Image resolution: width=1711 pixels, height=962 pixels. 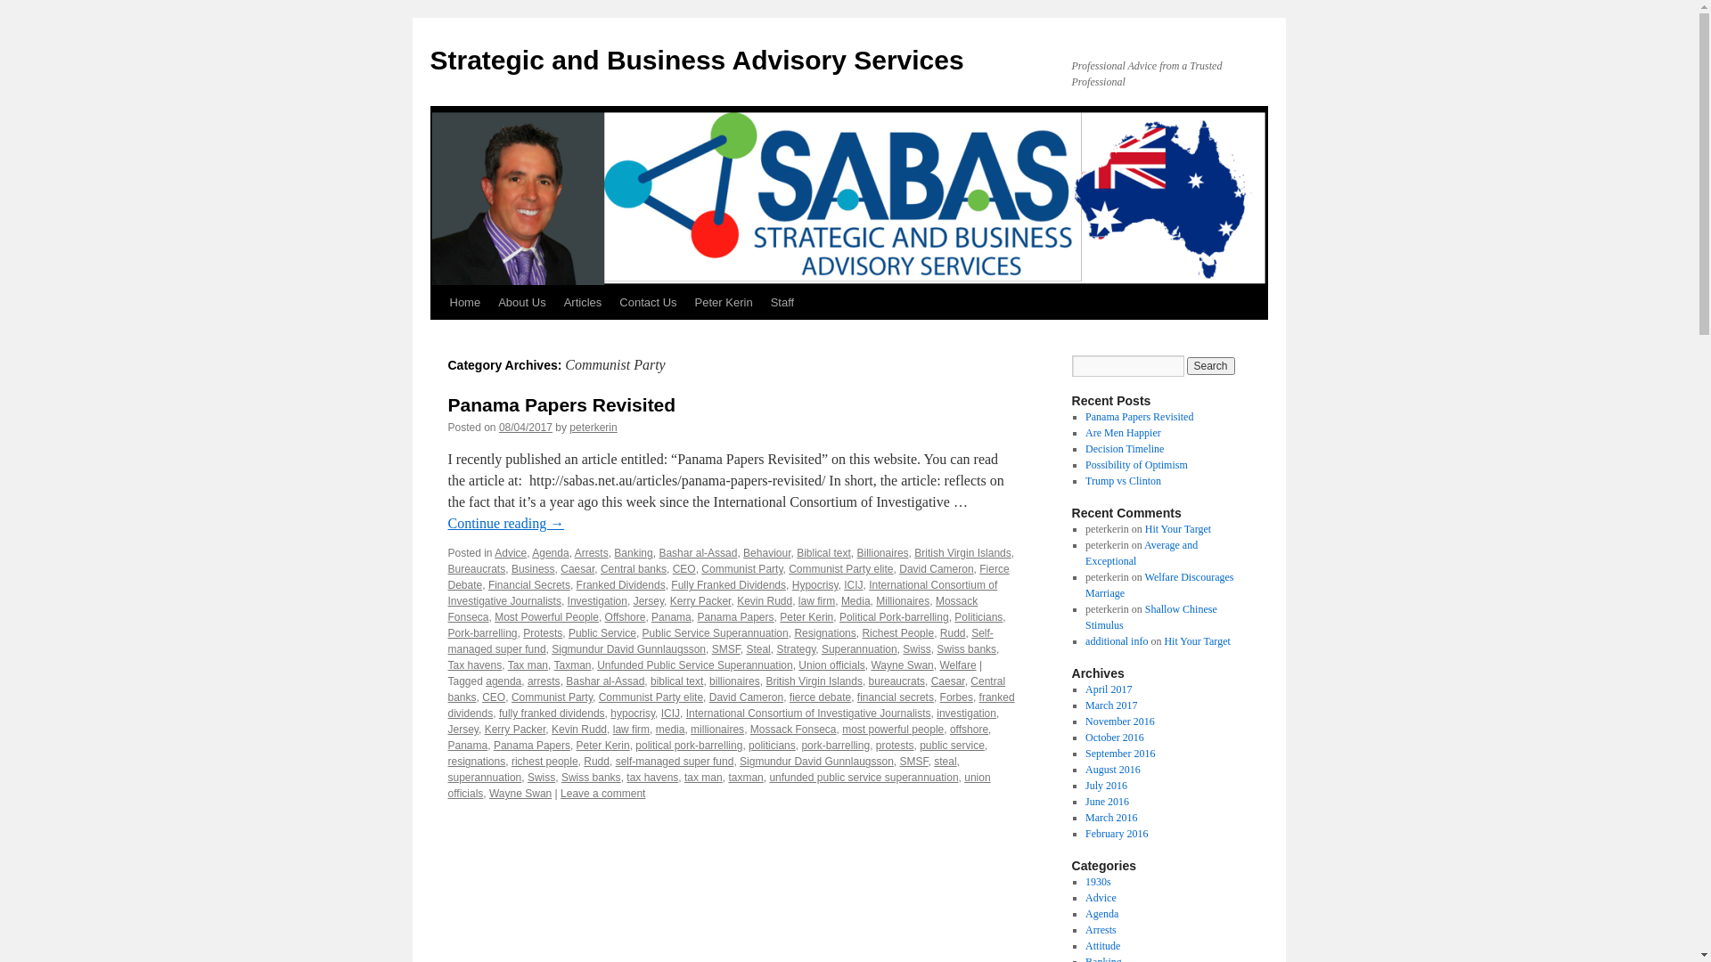 I want to click on 'Shallow Chinese Stimulus', so click(x=1150, y=616).